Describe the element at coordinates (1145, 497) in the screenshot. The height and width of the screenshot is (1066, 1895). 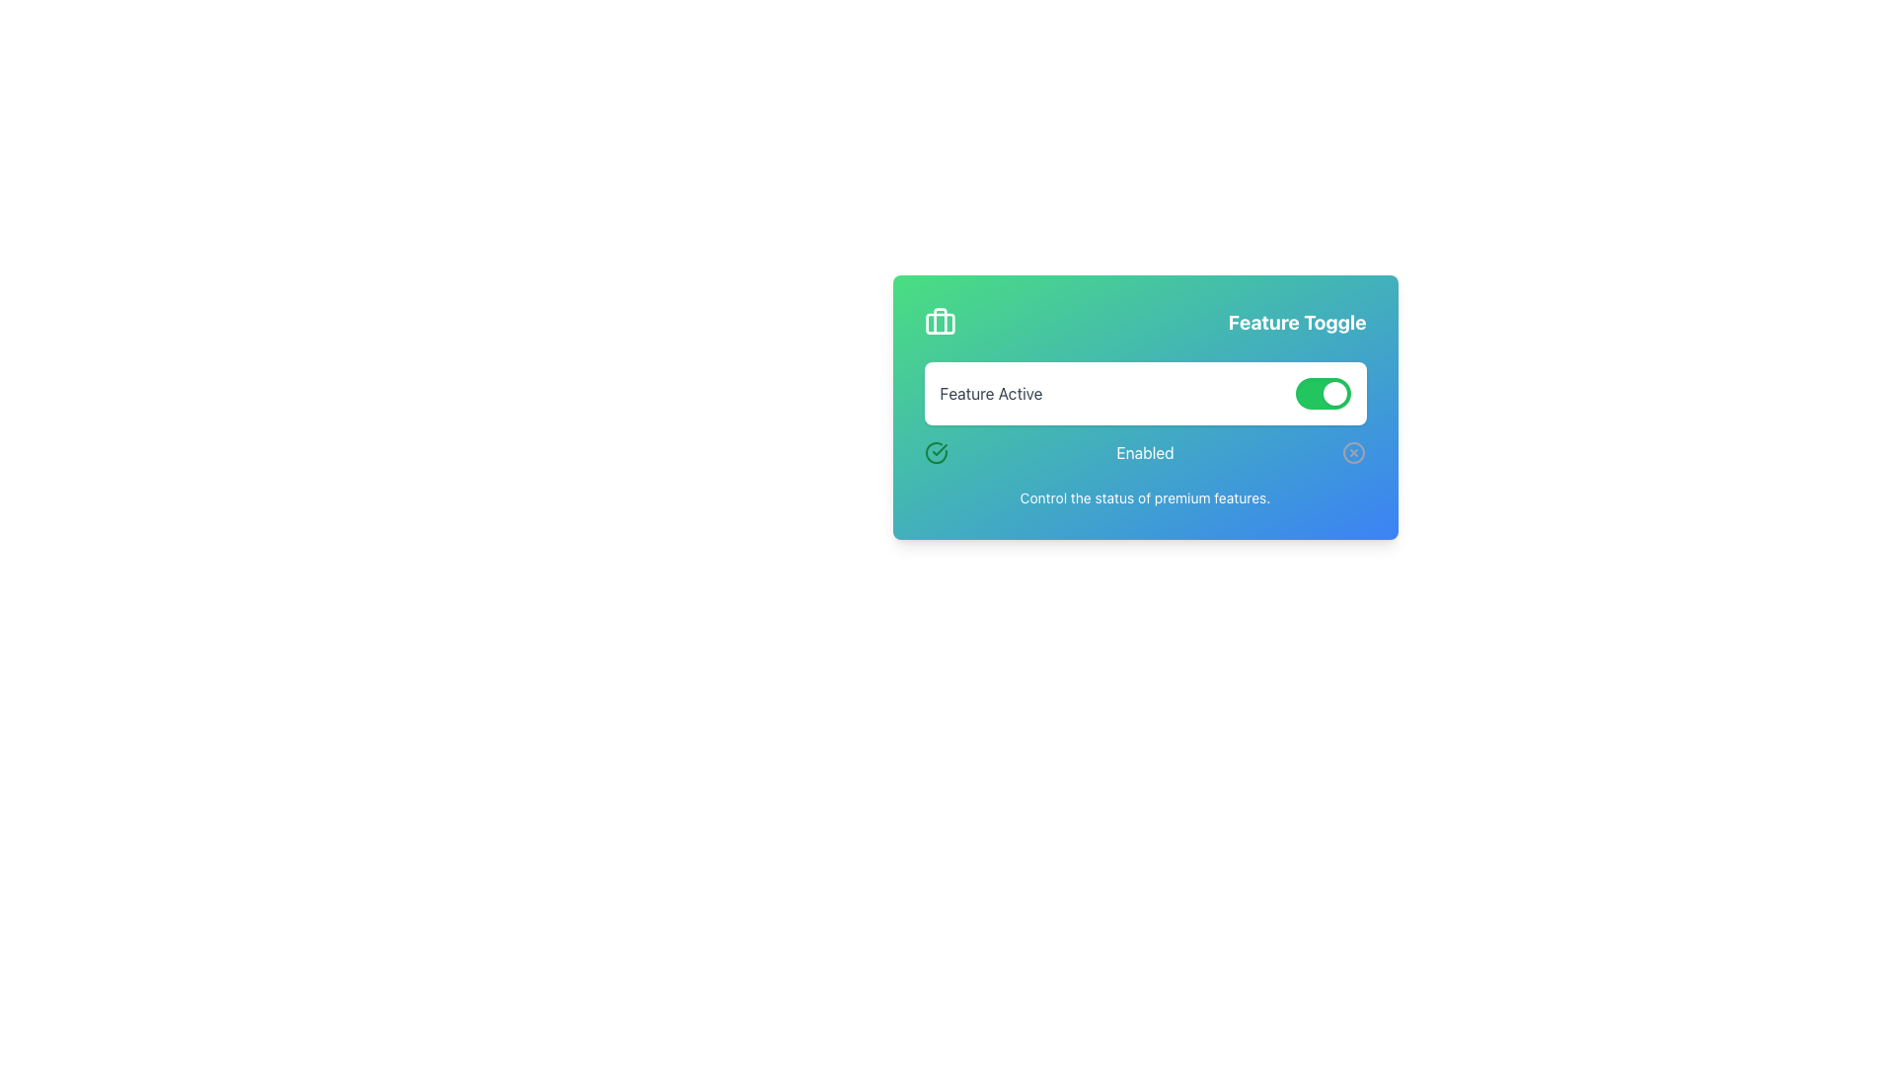
I see `the static text label that provides additional information about the surrounding interface for controlling premium features` at that location.